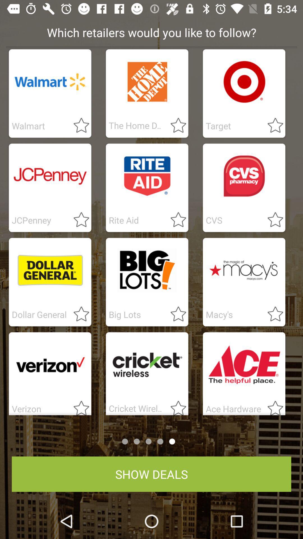 The width and height of the screenshot is (303, 539). I want to click on follow retailer, so click(175, 125).